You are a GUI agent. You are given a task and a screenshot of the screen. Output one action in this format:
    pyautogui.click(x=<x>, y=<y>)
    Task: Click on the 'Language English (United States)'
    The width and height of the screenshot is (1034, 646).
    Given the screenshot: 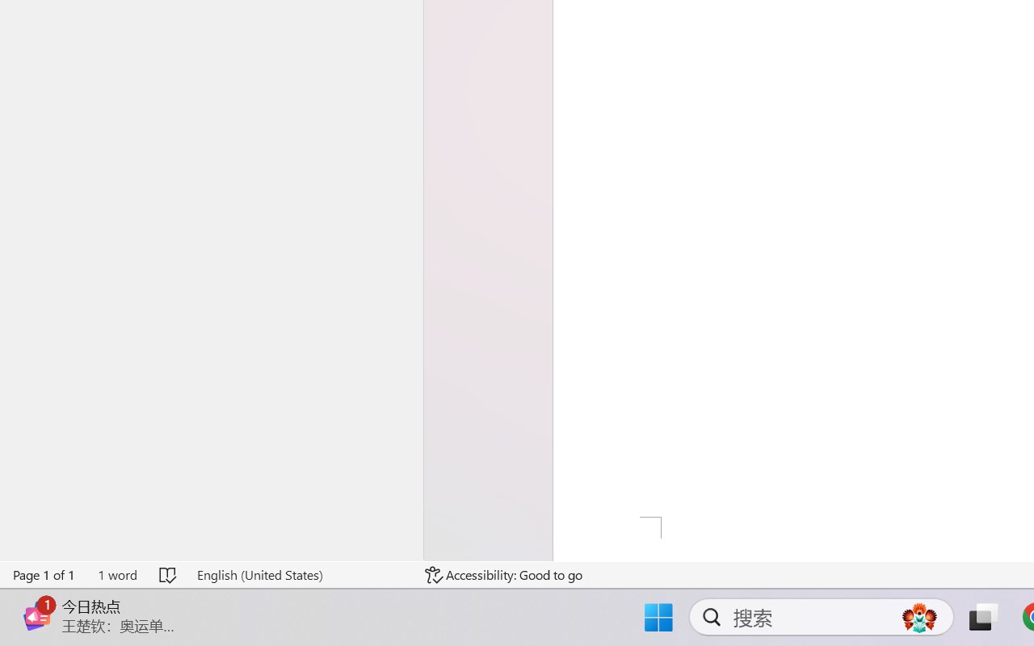 What is the action you would take?
    pyautogui.click(x=300, y=574)
    